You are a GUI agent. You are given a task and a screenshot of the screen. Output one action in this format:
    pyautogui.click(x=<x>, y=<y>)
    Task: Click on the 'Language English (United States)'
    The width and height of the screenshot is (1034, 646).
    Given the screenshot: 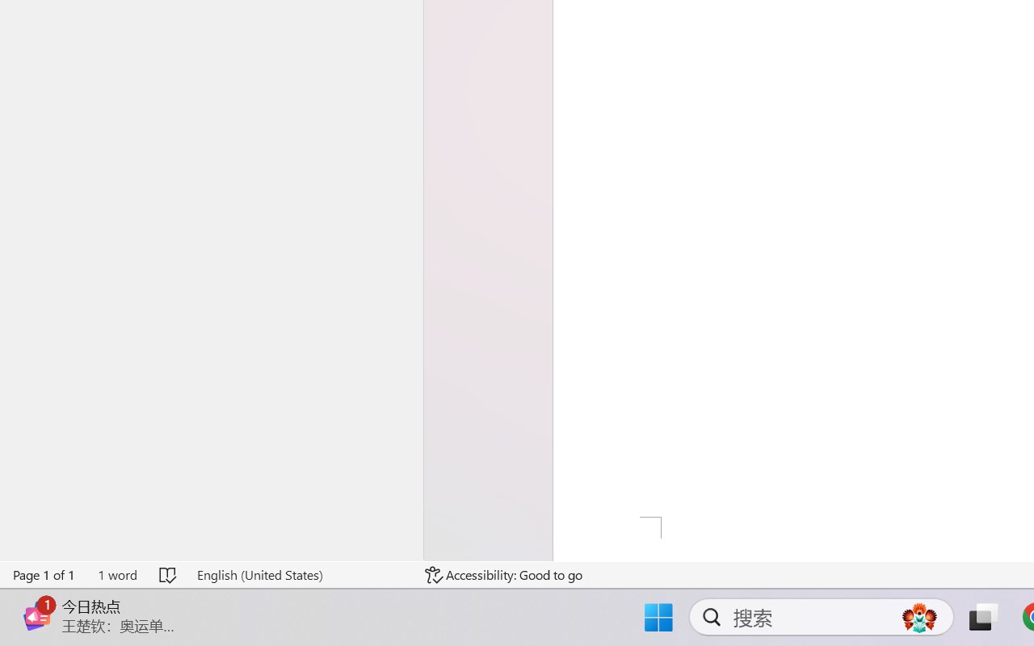 What is the action you would take?
    pyautogui.click(x=300, y=574)
    